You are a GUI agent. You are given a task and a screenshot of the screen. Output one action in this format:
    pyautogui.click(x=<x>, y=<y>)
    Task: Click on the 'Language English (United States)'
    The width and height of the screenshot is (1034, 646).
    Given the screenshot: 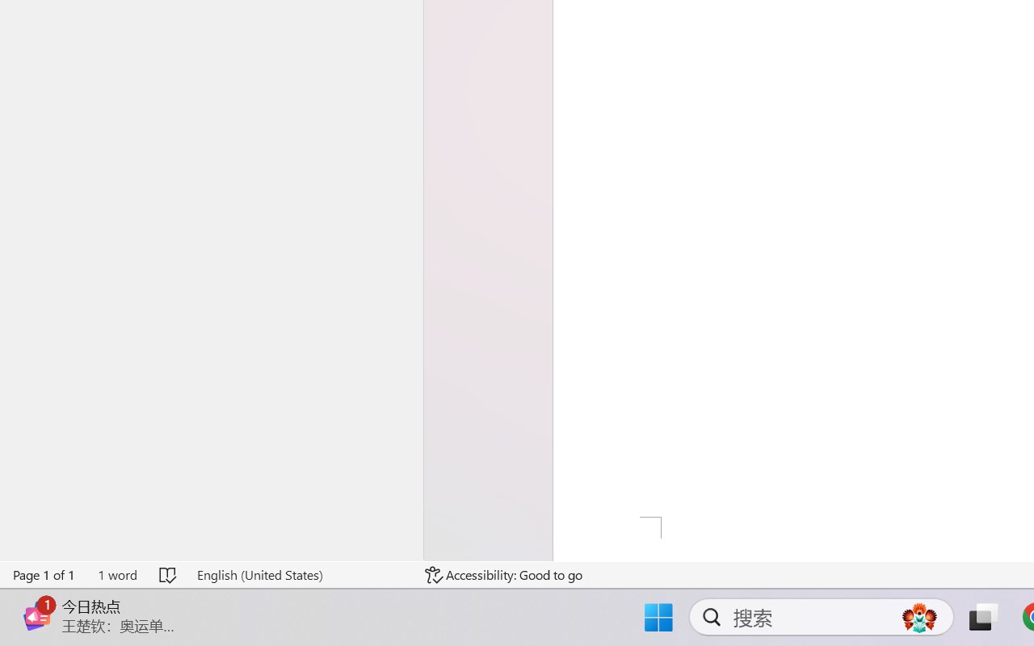 What is the action you would take?
    pyautogui.click(x=300, y=574)
    